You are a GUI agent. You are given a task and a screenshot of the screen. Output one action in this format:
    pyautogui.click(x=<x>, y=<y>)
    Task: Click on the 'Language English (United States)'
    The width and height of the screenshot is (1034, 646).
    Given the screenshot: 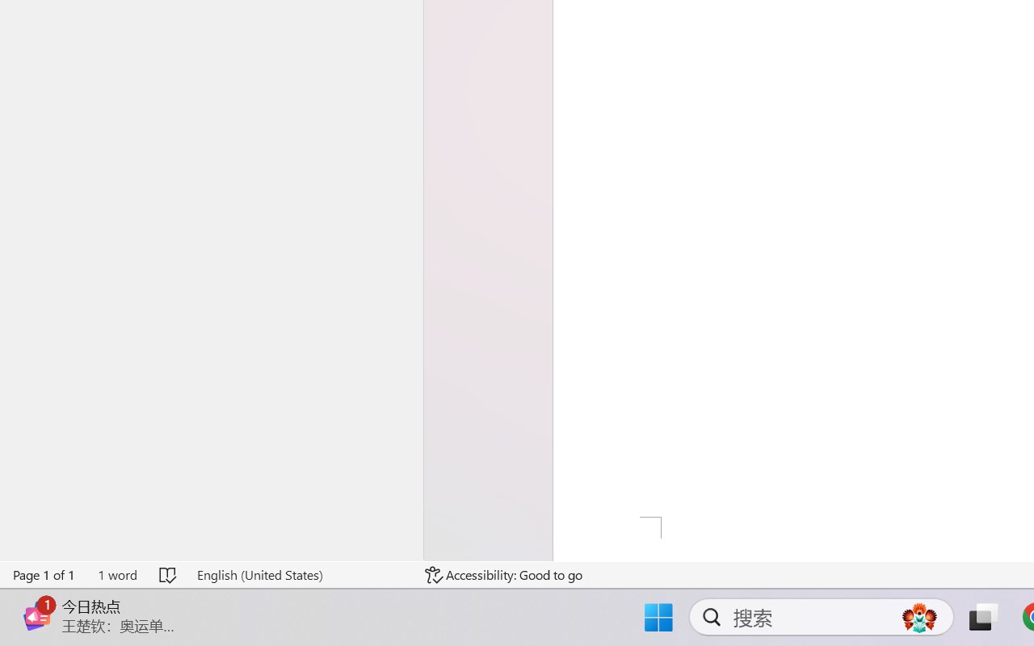 What is the action you would take?
    pyautogui.click(x=300, y=574)
    